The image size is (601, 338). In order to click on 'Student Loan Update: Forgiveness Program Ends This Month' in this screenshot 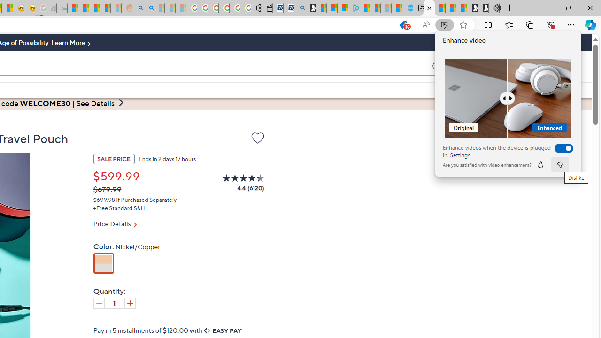, I will do `click(105, 8)`.